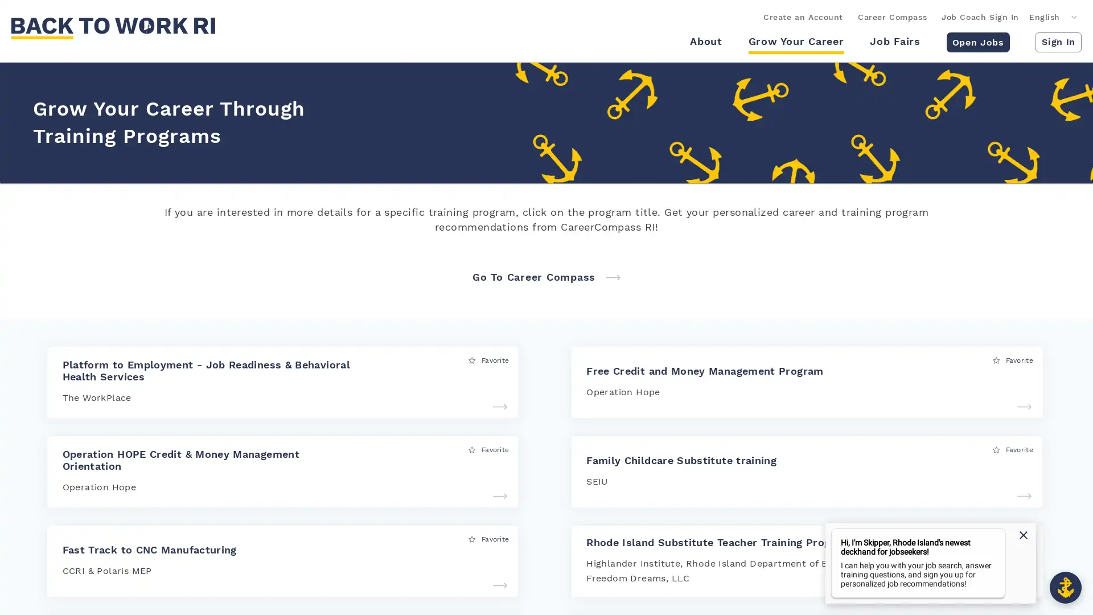 The height and width of the screenshot is (615, 1093). I want to click on not favorite Favorite, so click(1013, 538).